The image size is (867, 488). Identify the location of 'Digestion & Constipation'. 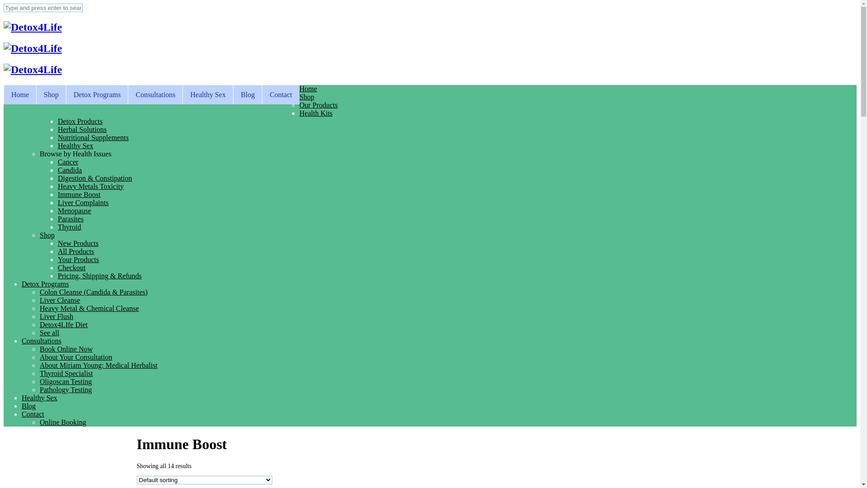
(95, 178).